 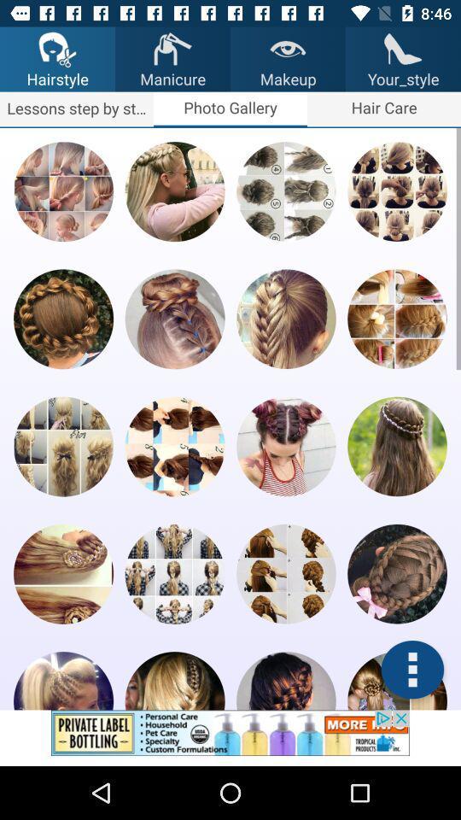 I want to click on an hairstyle, so click(x=286, y=191).